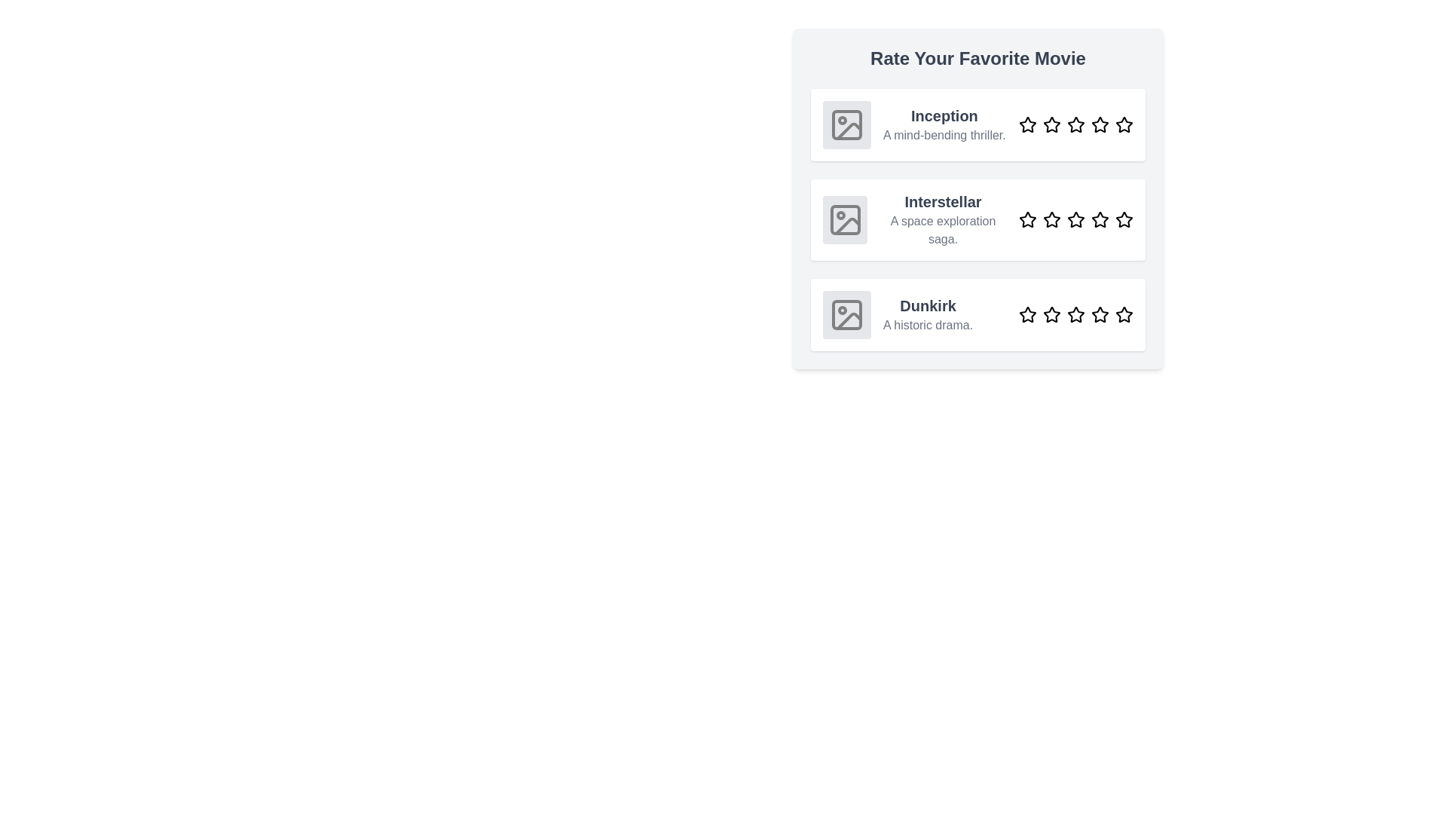 This screenshot has width=1447, height=814. I want to click on the first rating star button for the movie 'Inception', so click(1026, 124).